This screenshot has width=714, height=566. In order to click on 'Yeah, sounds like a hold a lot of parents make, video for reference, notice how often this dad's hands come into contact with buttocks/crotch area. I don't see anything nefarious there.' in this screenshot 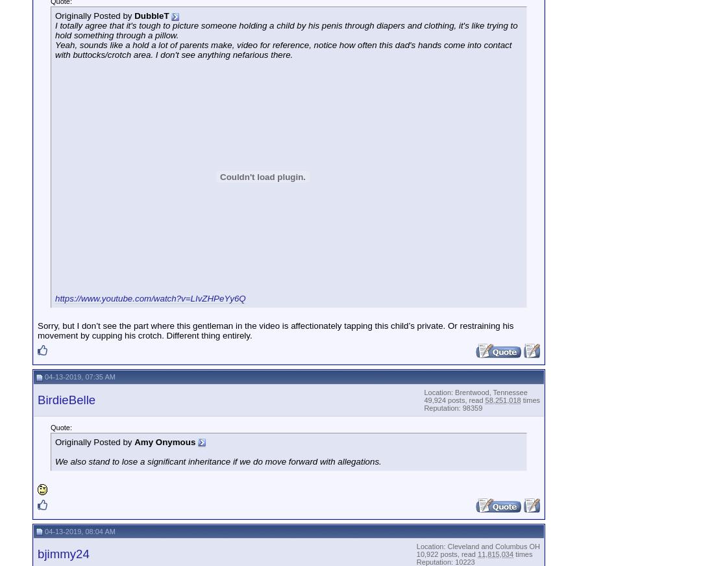, I will do `click(282, 49)`.